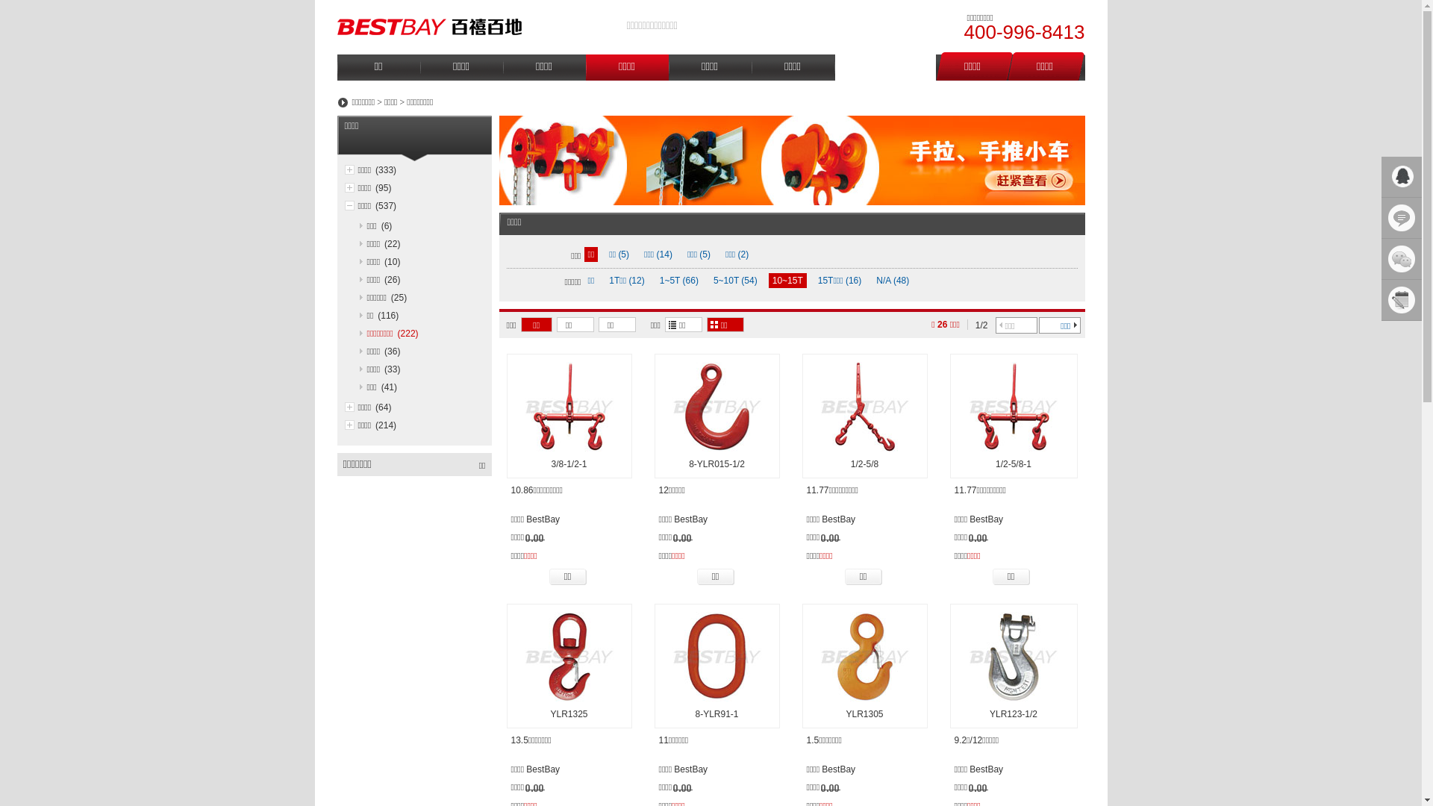 The width and height of the screenshot is (1433, 806). Describe the element at coordinates (655, 280) in the screenshot. I see `'1~5T (66)'` at that location.